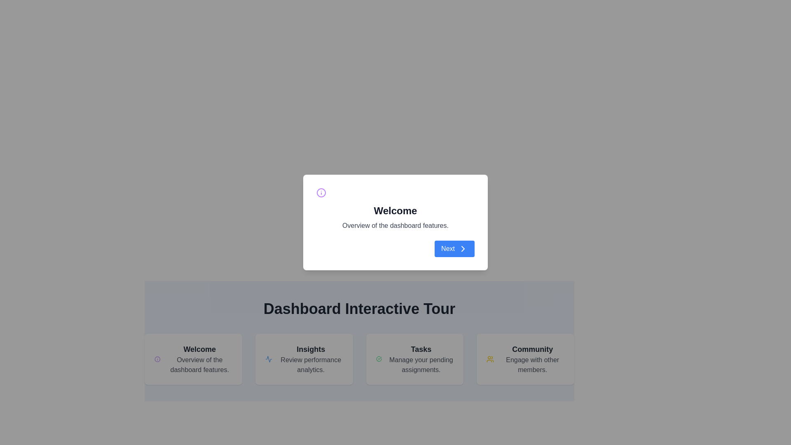 The image size is (791, 445). I want to click on the 'Welcome' heading text component, so click(395, 210).